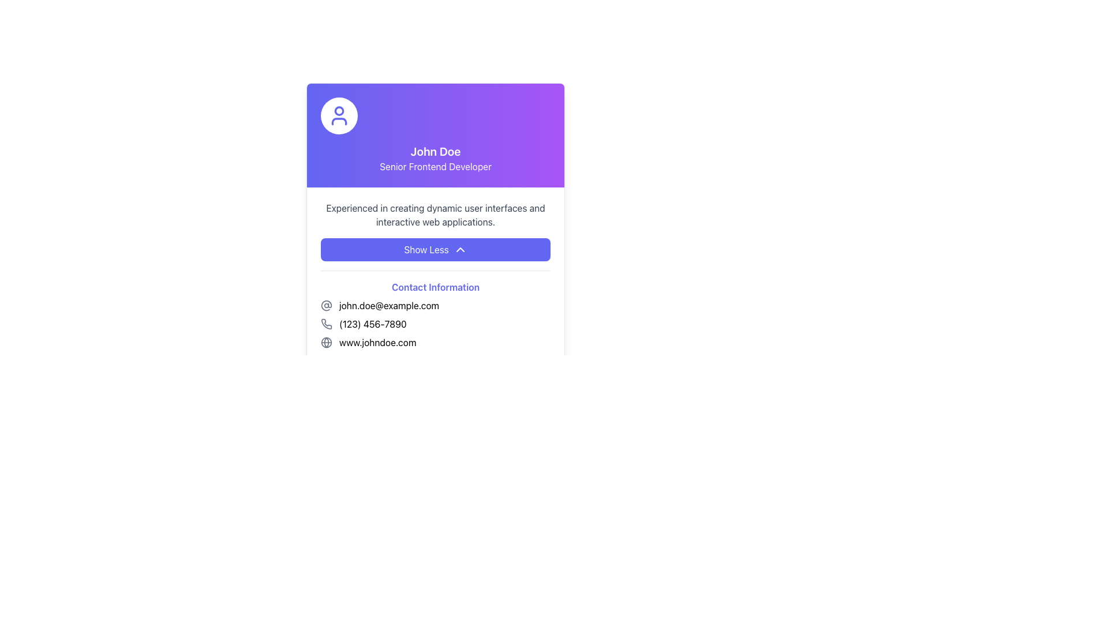  I want to click on the user profile icon located at the top-left of the gradient card component, above the text 'John Doe' and 'Senior Frontend Developer', so click(339, 115).